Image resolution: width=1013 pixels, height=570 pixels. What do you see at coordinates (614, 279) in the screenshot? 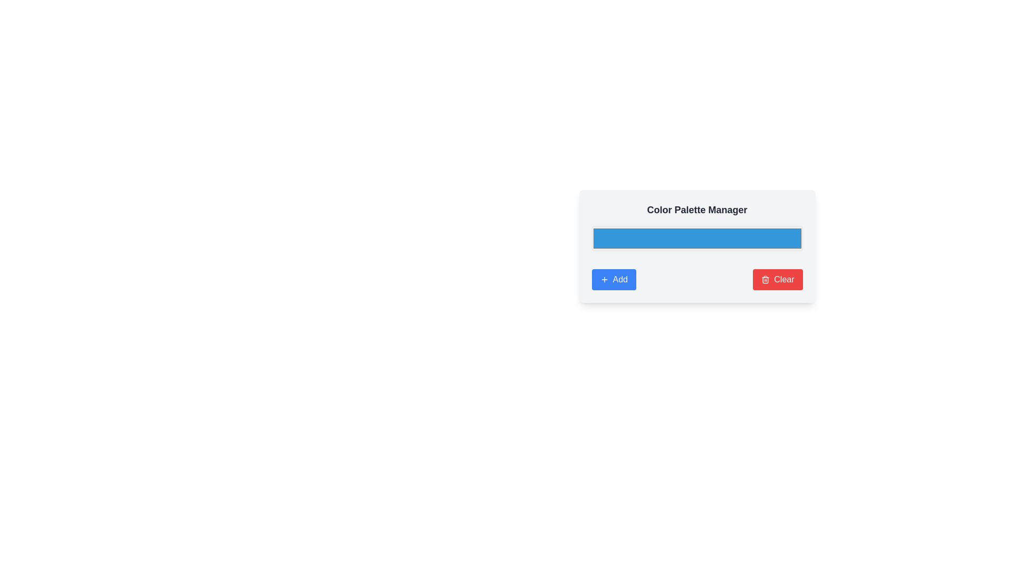
I see `the 'Add' button located in the bottom-left portion of the 'Color Palette Manager' section` at bounding box center [614, 279].